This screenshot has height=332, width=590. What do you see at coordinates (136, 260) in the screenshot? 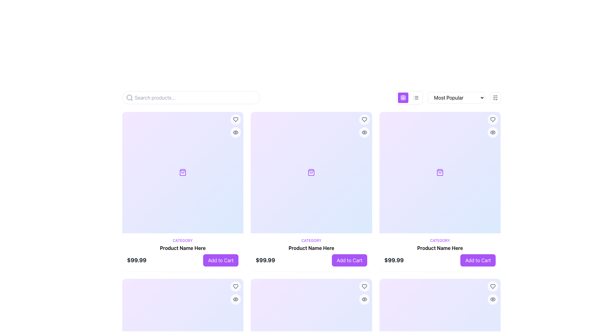
I see `the price text label displaying '$99.99' in bold, dark-gray text, positioned at the bottom left of the product card` at bounding box center [136, 260].